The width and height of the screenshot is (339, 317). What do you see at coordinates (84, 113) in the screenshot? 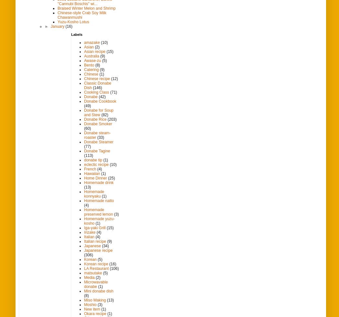
I see `'Donabe for Soup and Stew'` at bounding box center [84, 113].